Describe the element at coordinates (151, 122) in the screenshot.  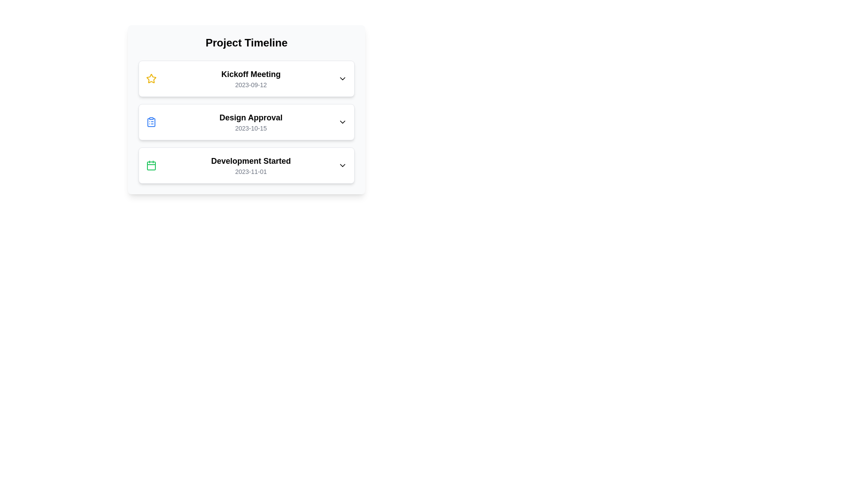
I see `the blue clipboard-shaped icon located to the left of the 'Design Approval' text in the second row of the project timeline list` at that location.